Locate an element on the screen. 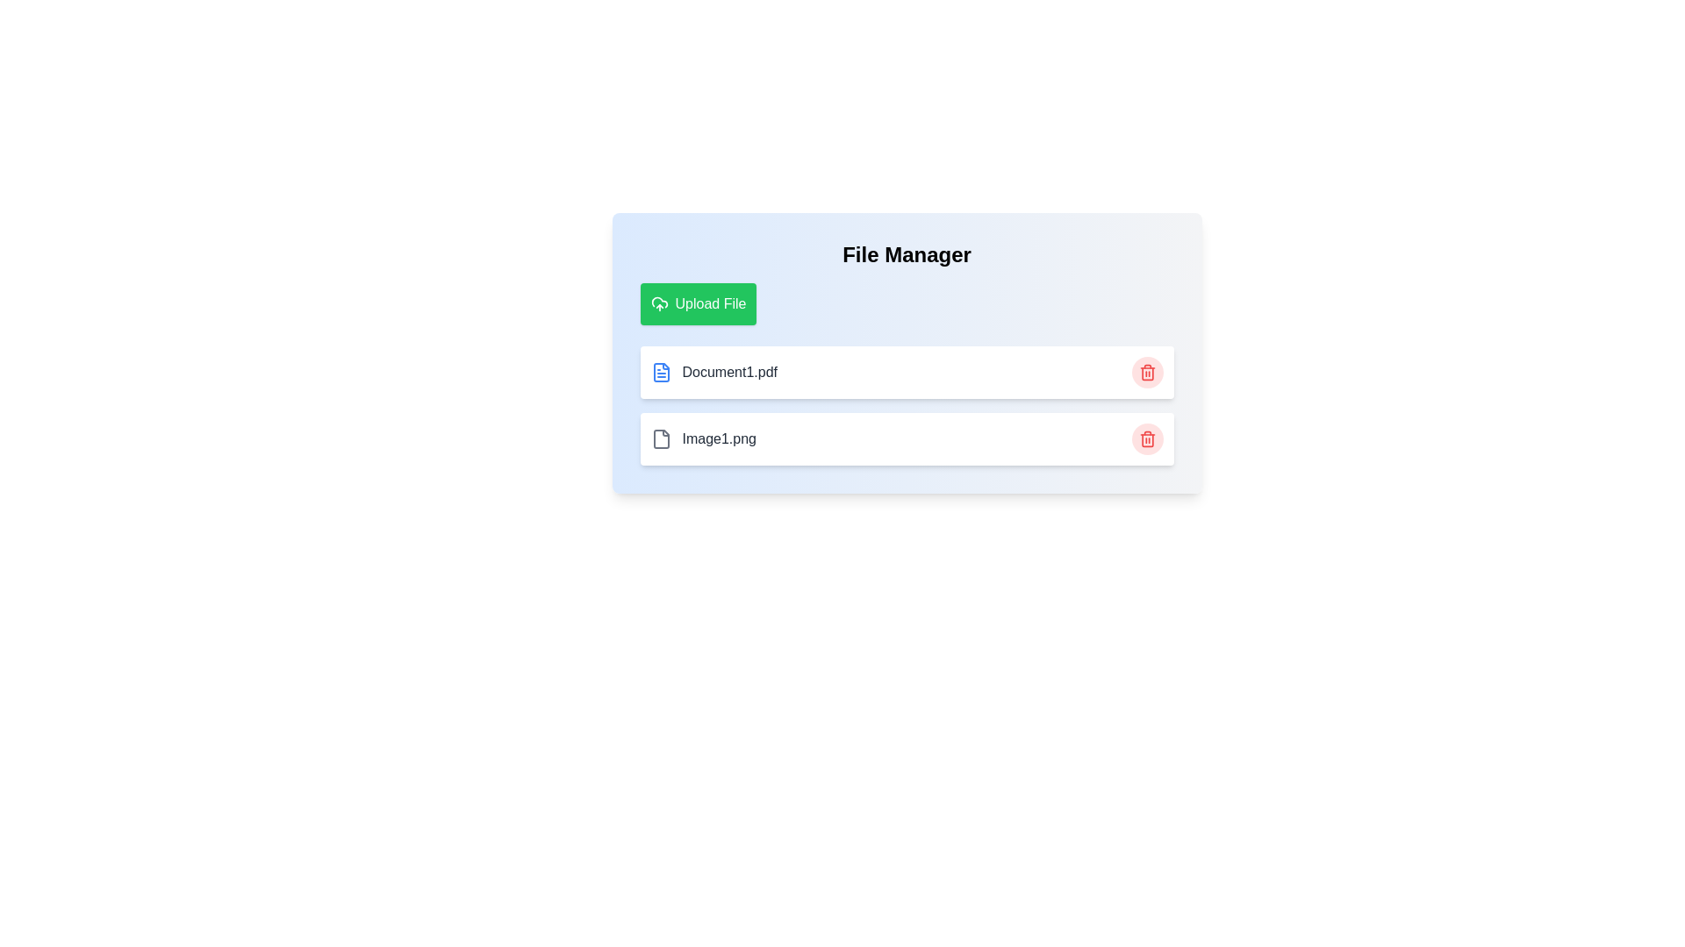  the label text within the green upload button located at the top left of the interface, which indicates the action to upload a file is located at coordinates (711, 303).